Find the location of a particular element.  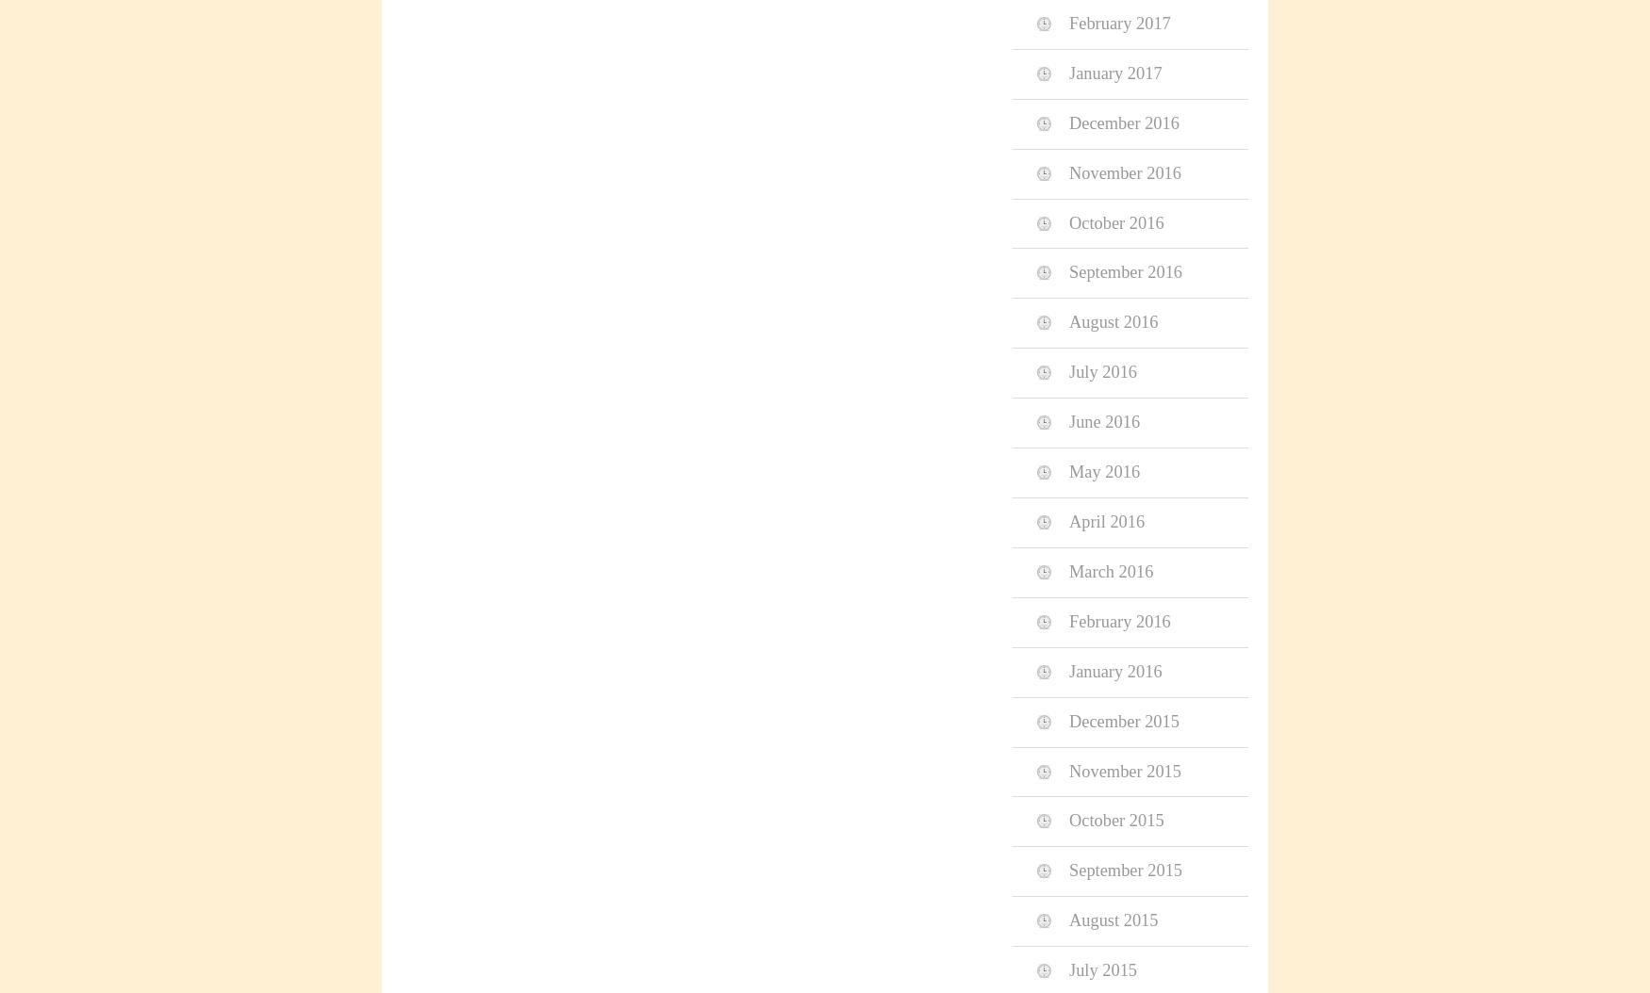

'July 2015' is located at coordinates (1102, 969).